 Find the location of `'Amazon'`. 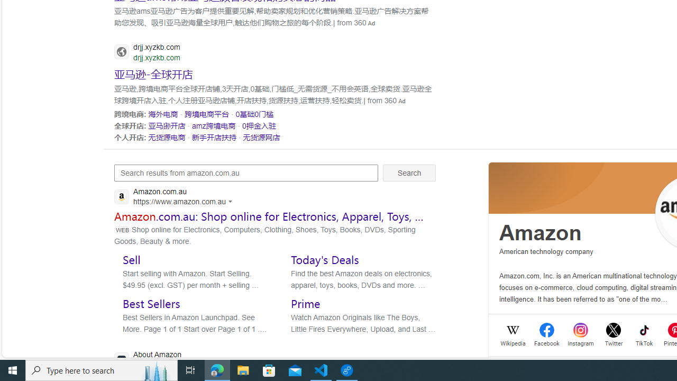

'Amazon' is located at coordinates (541, 232).